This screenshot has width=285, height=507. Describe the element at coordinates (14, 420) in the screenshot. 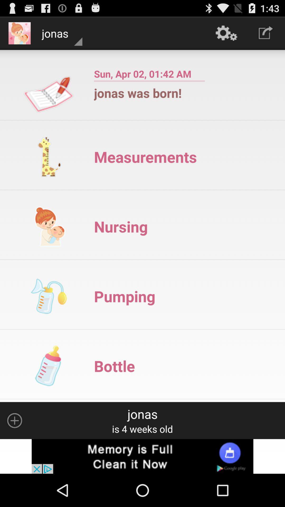

I see `more` at that location.